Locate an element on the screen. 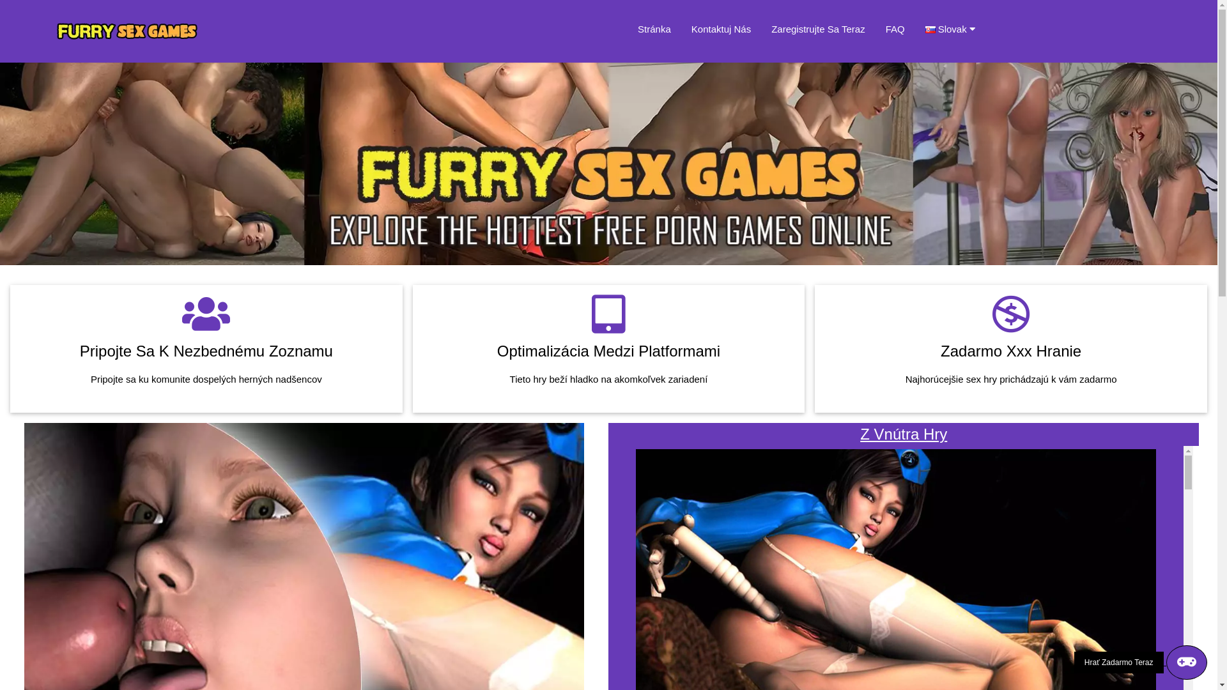 Image resolution: width=1227 pixels, height=690 pixels. 'Slovak' is located at coordinates (925, 29).